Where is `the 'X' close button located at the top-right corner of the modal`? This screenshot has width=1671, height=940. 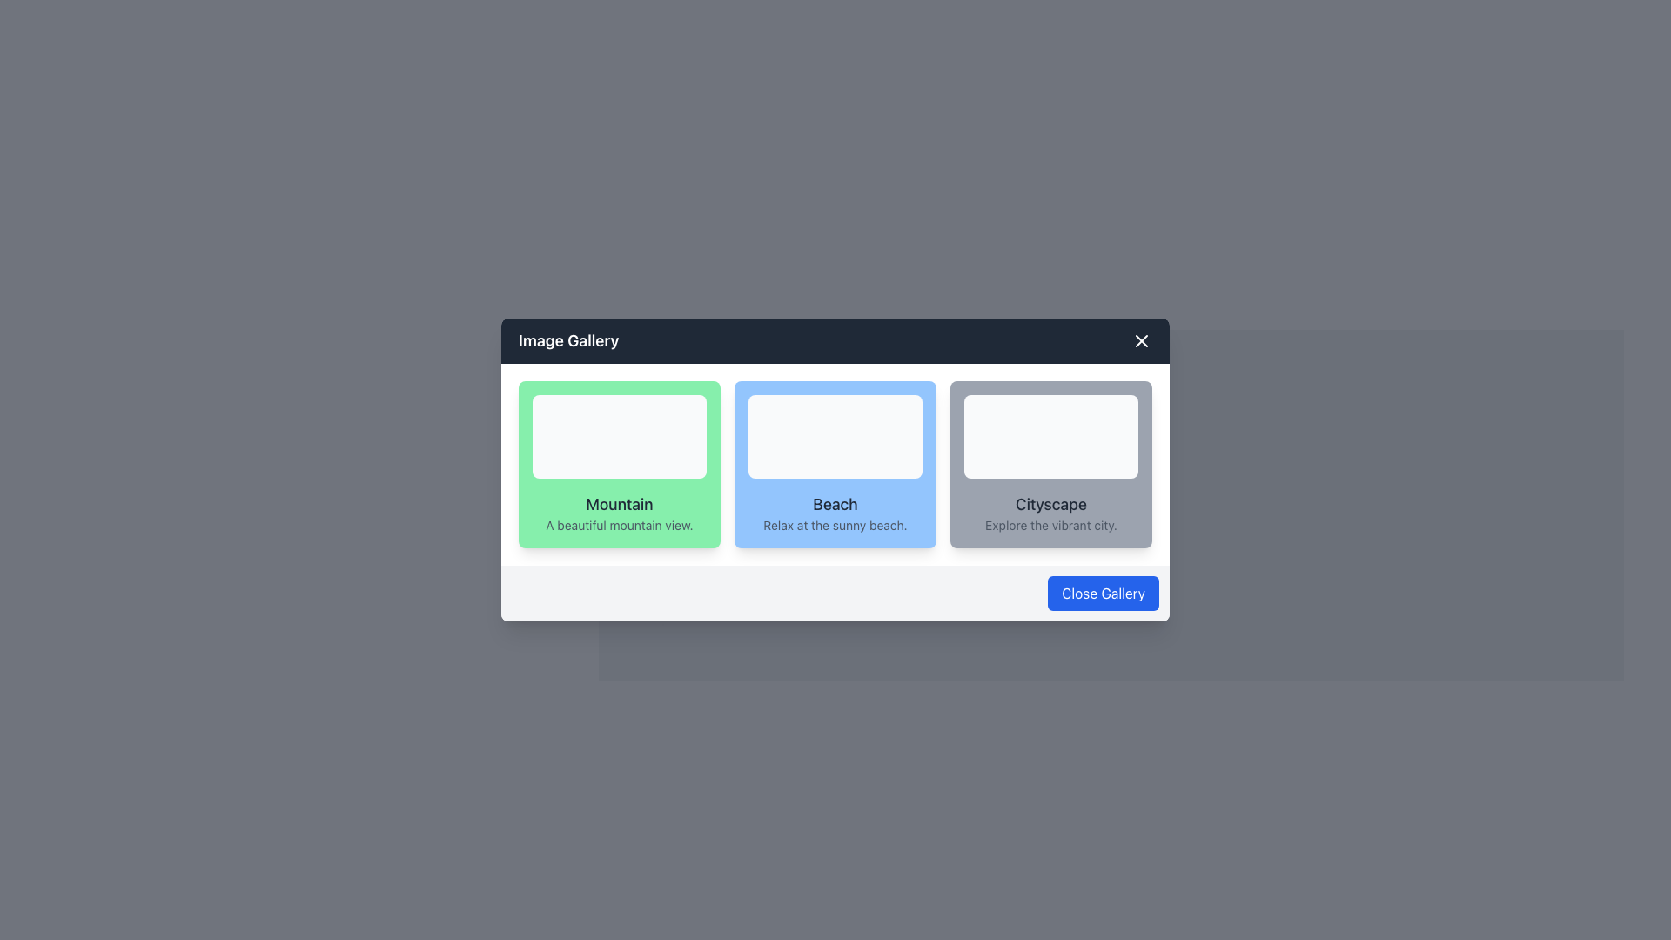
the 'X' close button located at the top-right corner of the modal is located at coordinates (1141, 341).